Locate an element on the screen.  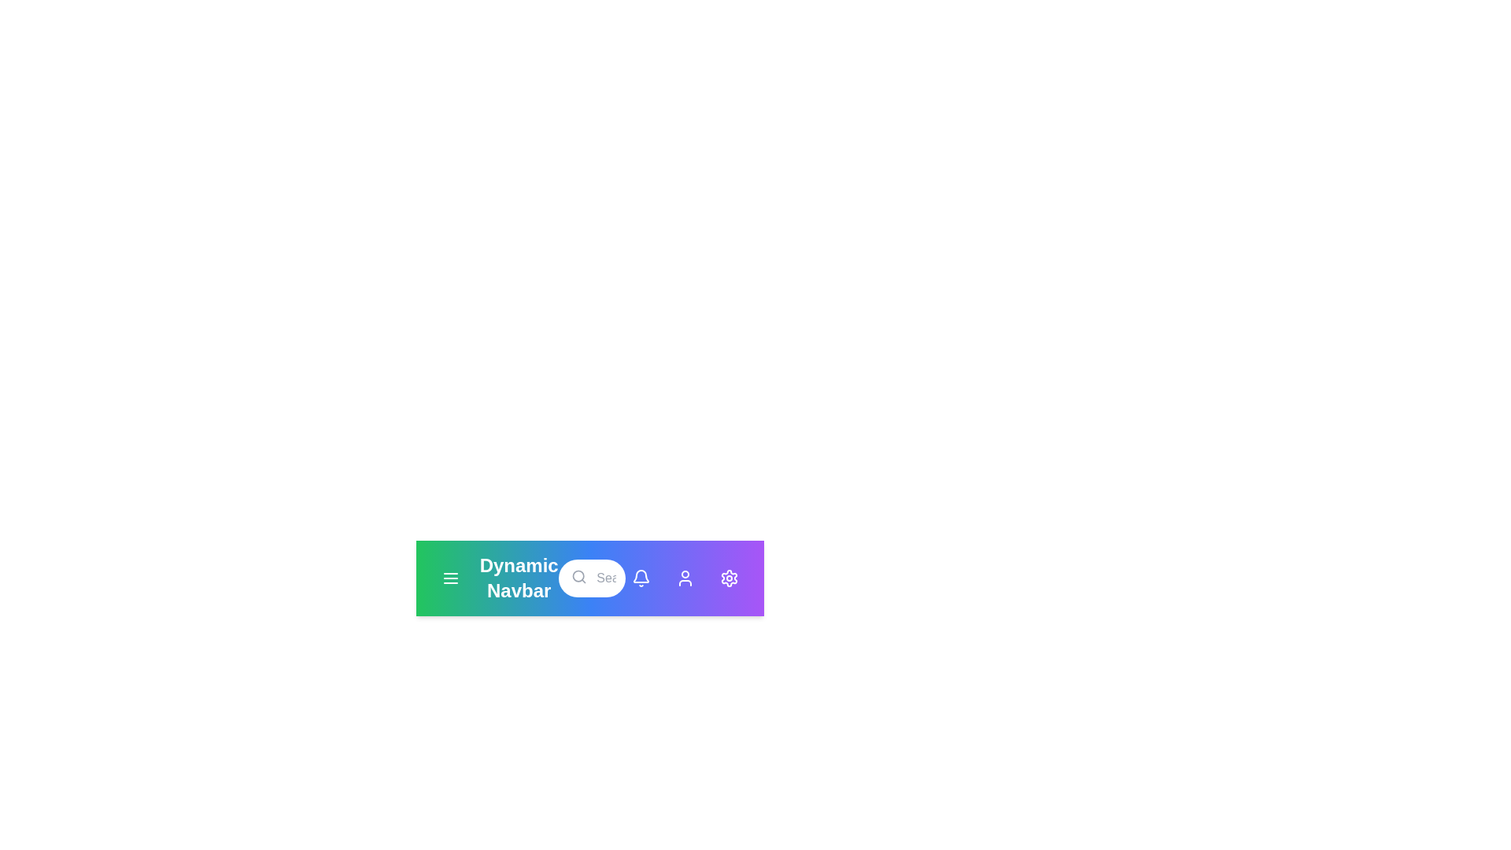
the user options button corresponding to profile is located at coordinates (685, 578).